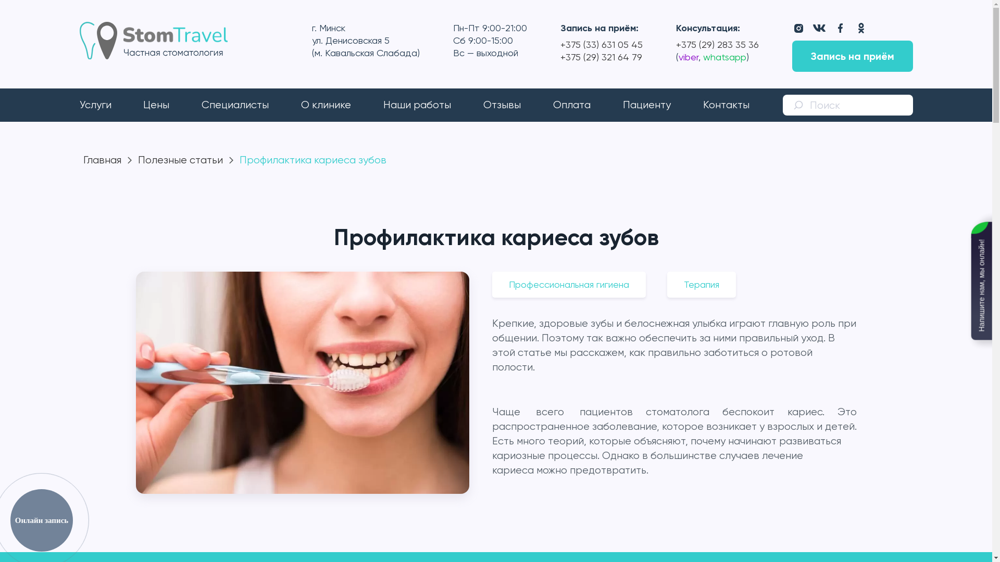  Describe the element at coordinates (722, 57) in the screenshot. I see `'whatsapp'` at that location.